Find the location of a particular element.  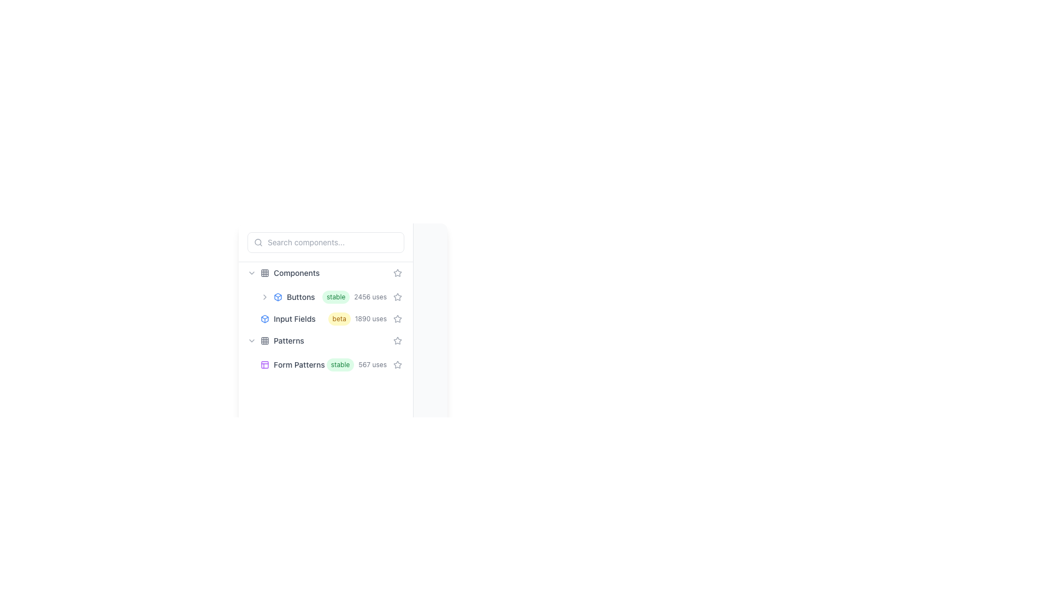

the downward-pointing chevron icon located in the left sidebar adjacent to the 'Components' label is located at coordinates (251, 273).